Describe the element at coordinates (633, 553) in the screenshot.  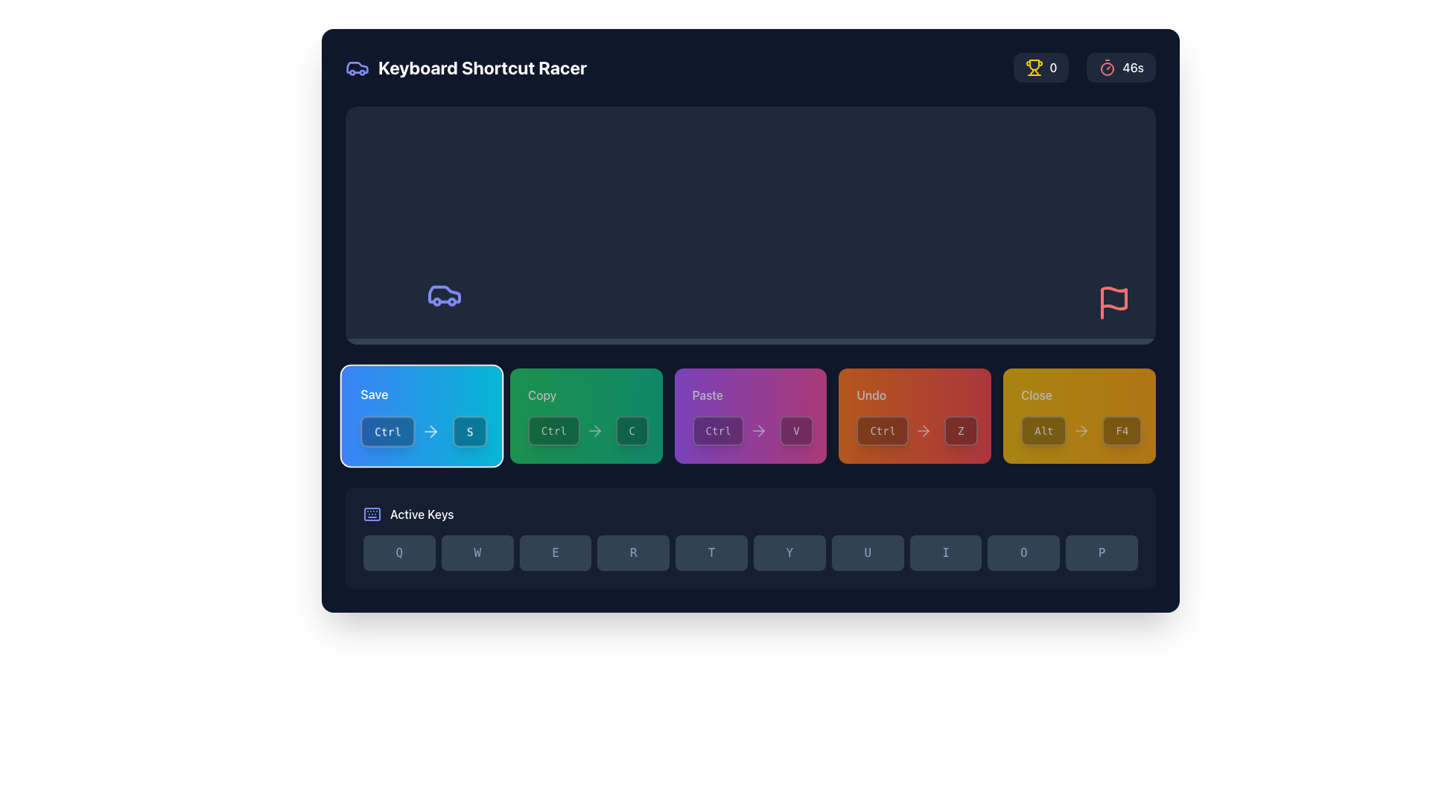
I see `the rectangular button with a dark background and the letter 'R' at its center, which is the fourth button in a row of ten buttons labeled QWERTYUIOP` at that location.